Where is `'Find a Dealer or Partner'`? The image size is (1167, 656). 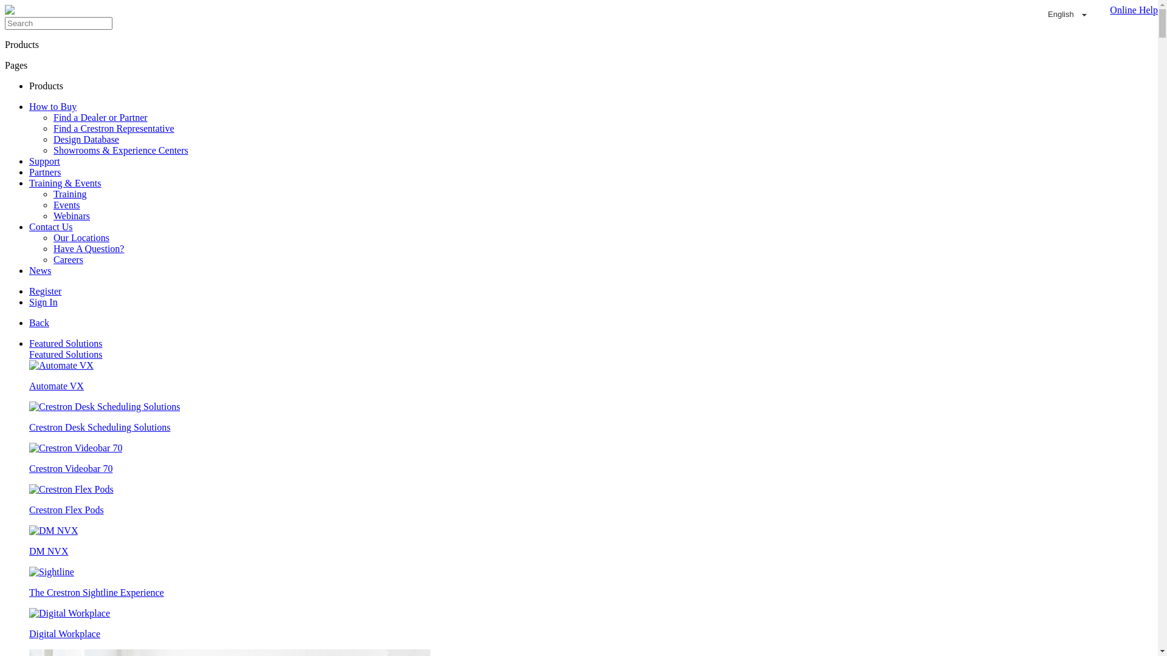
'Find a Dealer or Partner' is located at coordinates (52, 117).